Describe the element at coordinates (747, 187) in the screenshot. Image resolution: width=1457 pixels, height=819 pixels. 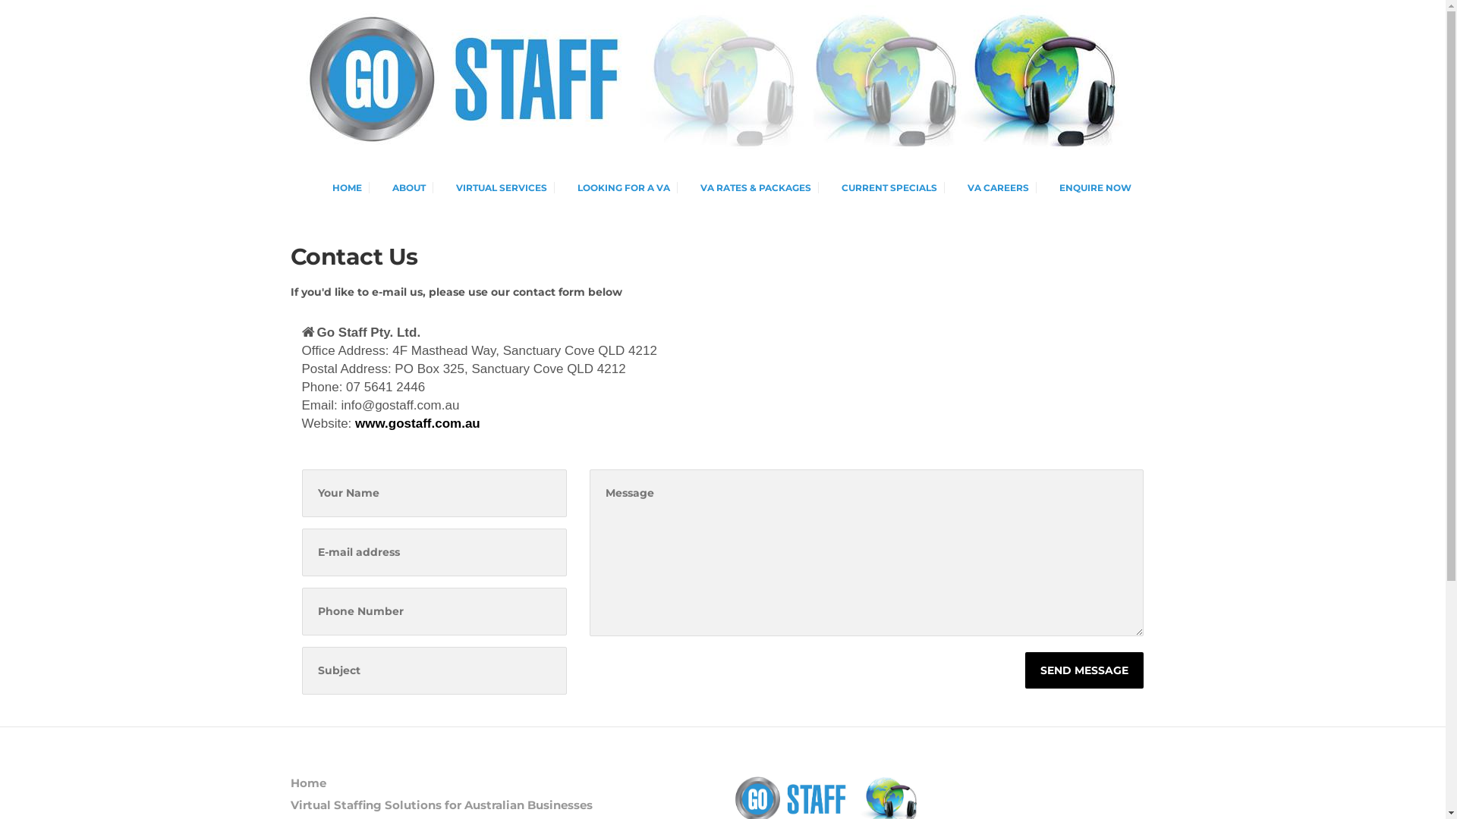
I see `'VA RATES & PACKAGES'` at that location.